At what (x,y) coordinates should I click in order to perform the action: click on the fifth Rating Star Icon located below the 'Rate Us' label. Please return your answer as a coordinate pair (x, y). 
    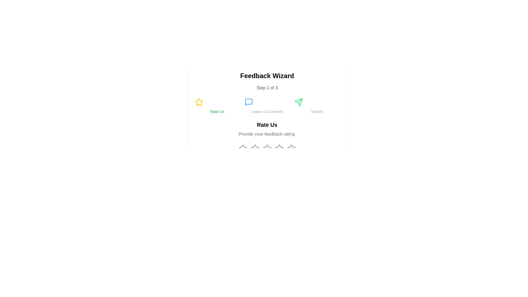
    Looking at the image, I should click on (279, 148).